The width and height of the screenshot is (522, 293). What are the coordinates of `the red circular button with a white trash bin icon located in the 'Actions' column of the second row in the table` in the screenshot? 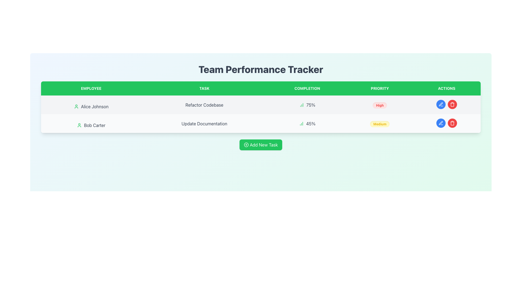 It's located at (452, 104).